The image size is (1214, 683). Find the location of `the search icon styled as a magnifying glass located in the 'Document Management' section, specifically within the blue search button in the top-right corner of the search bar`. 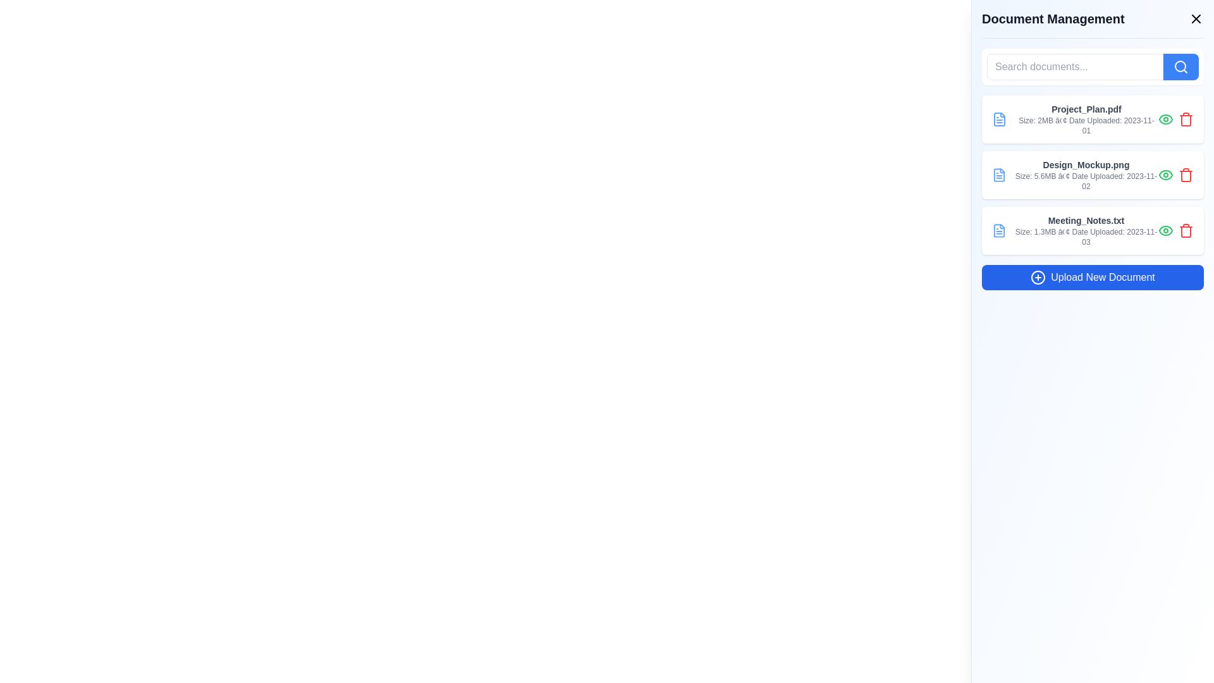

the search icon styled as a magnifying glass located in the 'Document Management' section, specifically within the blue search button in the top-right corner of the search bar is located at coordinates (1180, 66).